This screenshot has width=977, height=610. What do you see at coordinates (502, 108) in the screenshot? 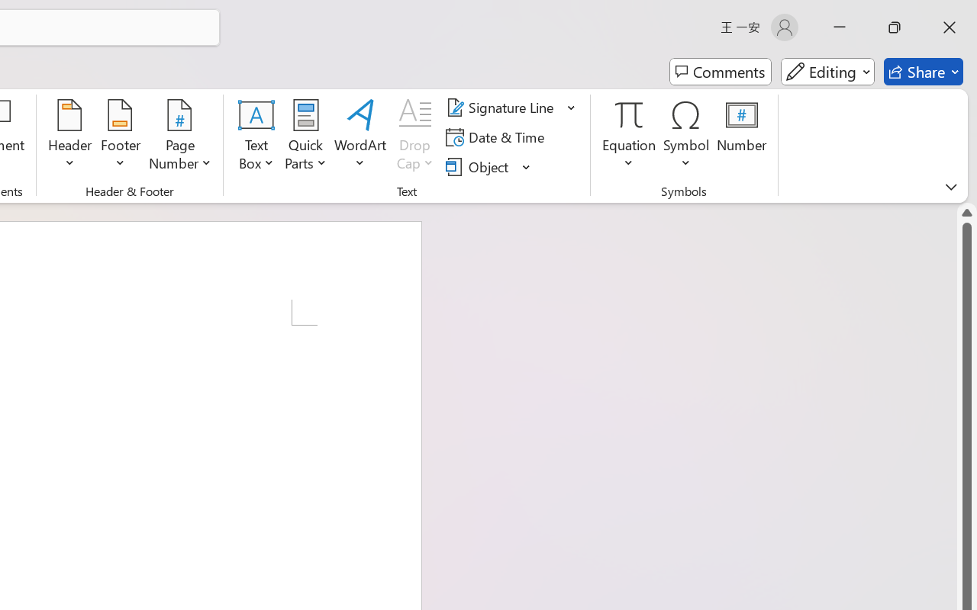
I see `'Signature Line'` at bounding box center [502, 108].